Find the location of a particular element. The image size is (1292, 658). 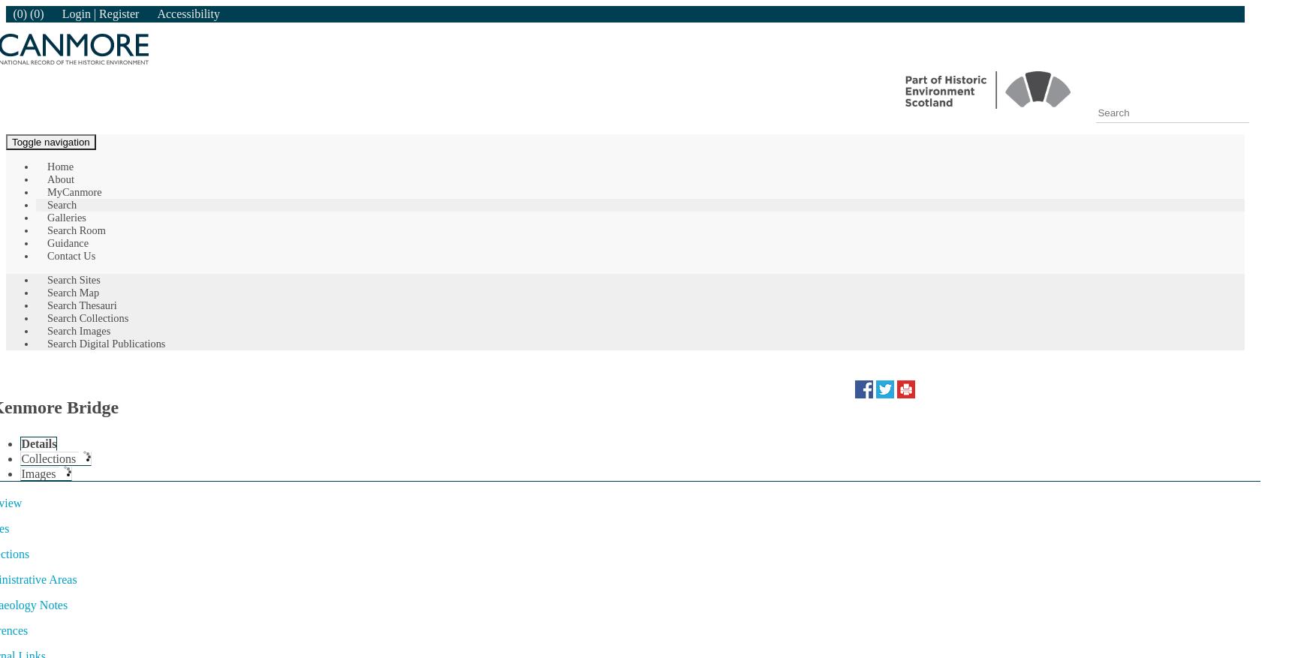

'Images' is located at coordinates (39, 472).